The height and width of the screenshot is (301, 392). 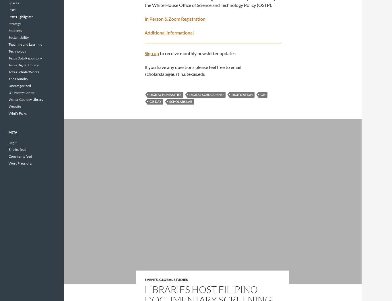 What do you see at coordinates (165, 94) in the screenshot?
I see `'digital humanities'` at bounding box center [165, 94].